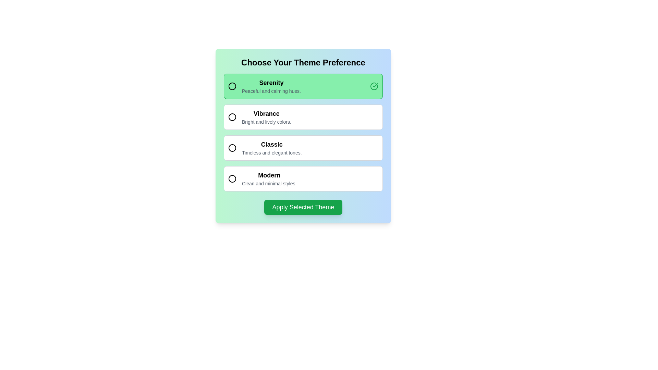 The width and height of the screenshot is (658, 370). Describe the element at coordinates (232, 117) in the screenshot. I see `the circular indicator element associated with the 'Vibrance' theme option by clicking on it` at that location.